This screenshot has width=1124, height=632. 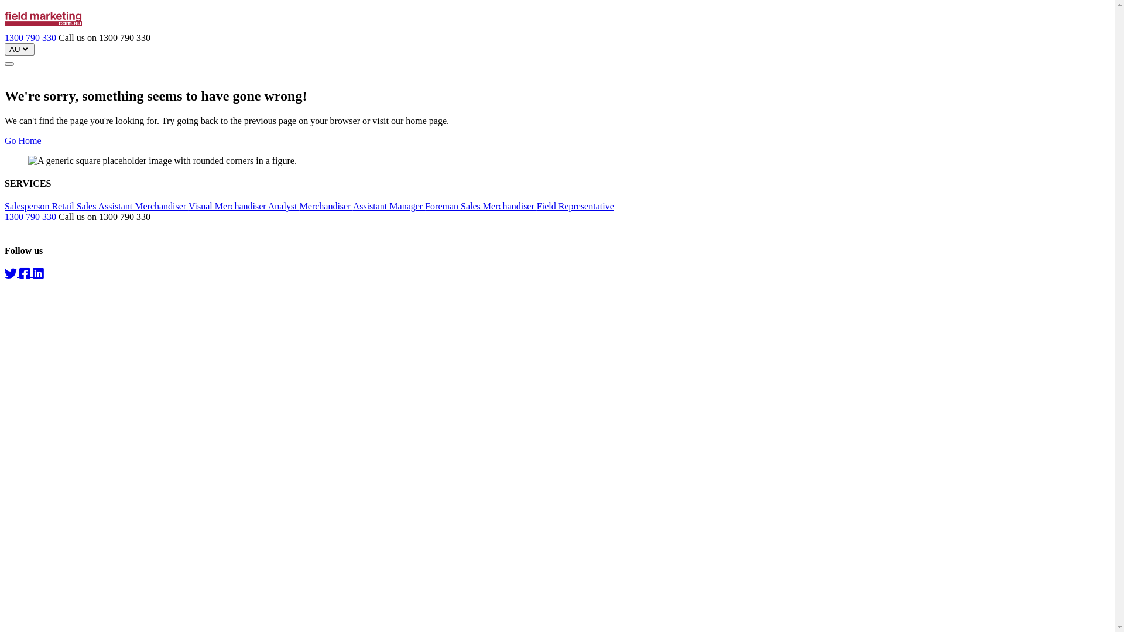 What do you see at coordinates (326, 205) in the screenshot?
I see `'Merchandiser'` at bounding box center [326, 205].